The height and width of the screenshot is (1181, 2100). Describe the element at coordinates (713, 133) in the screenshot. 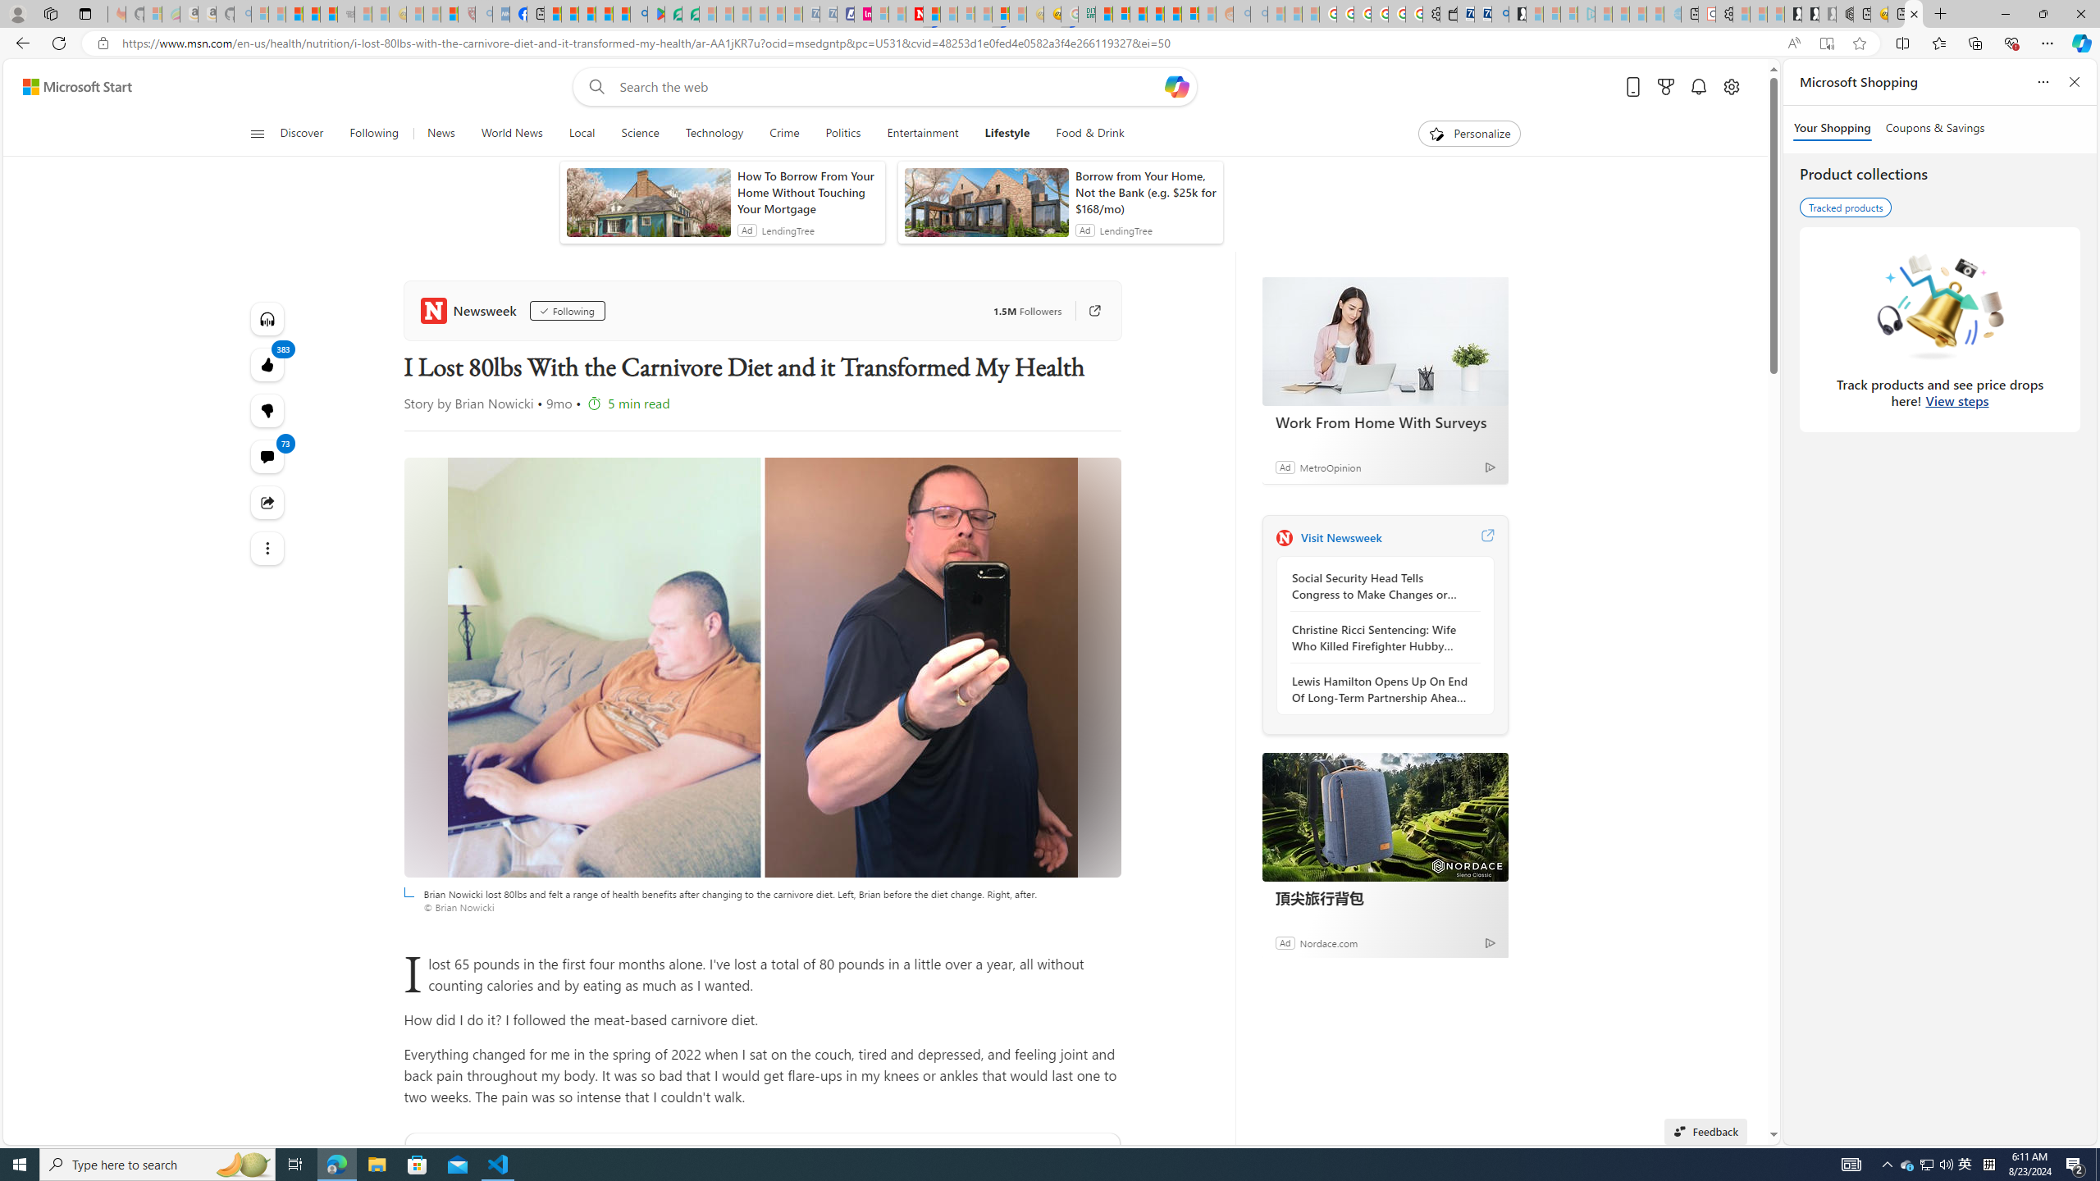

I see `'Technology'` at that location.